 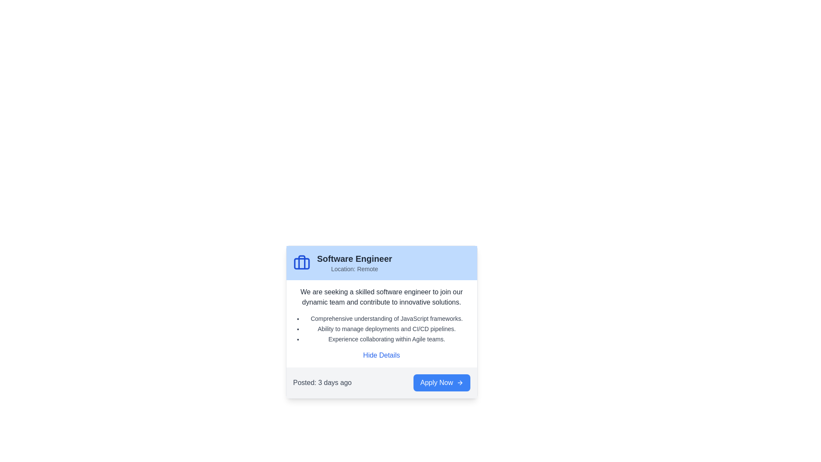 What do you see at coordinates (301, 263) in the screenshot?
I see `the decorative rectangular component of the briefcase icon located at the top-left of the 'Software Engineer' job posting card` at bounding box center [301, 263].